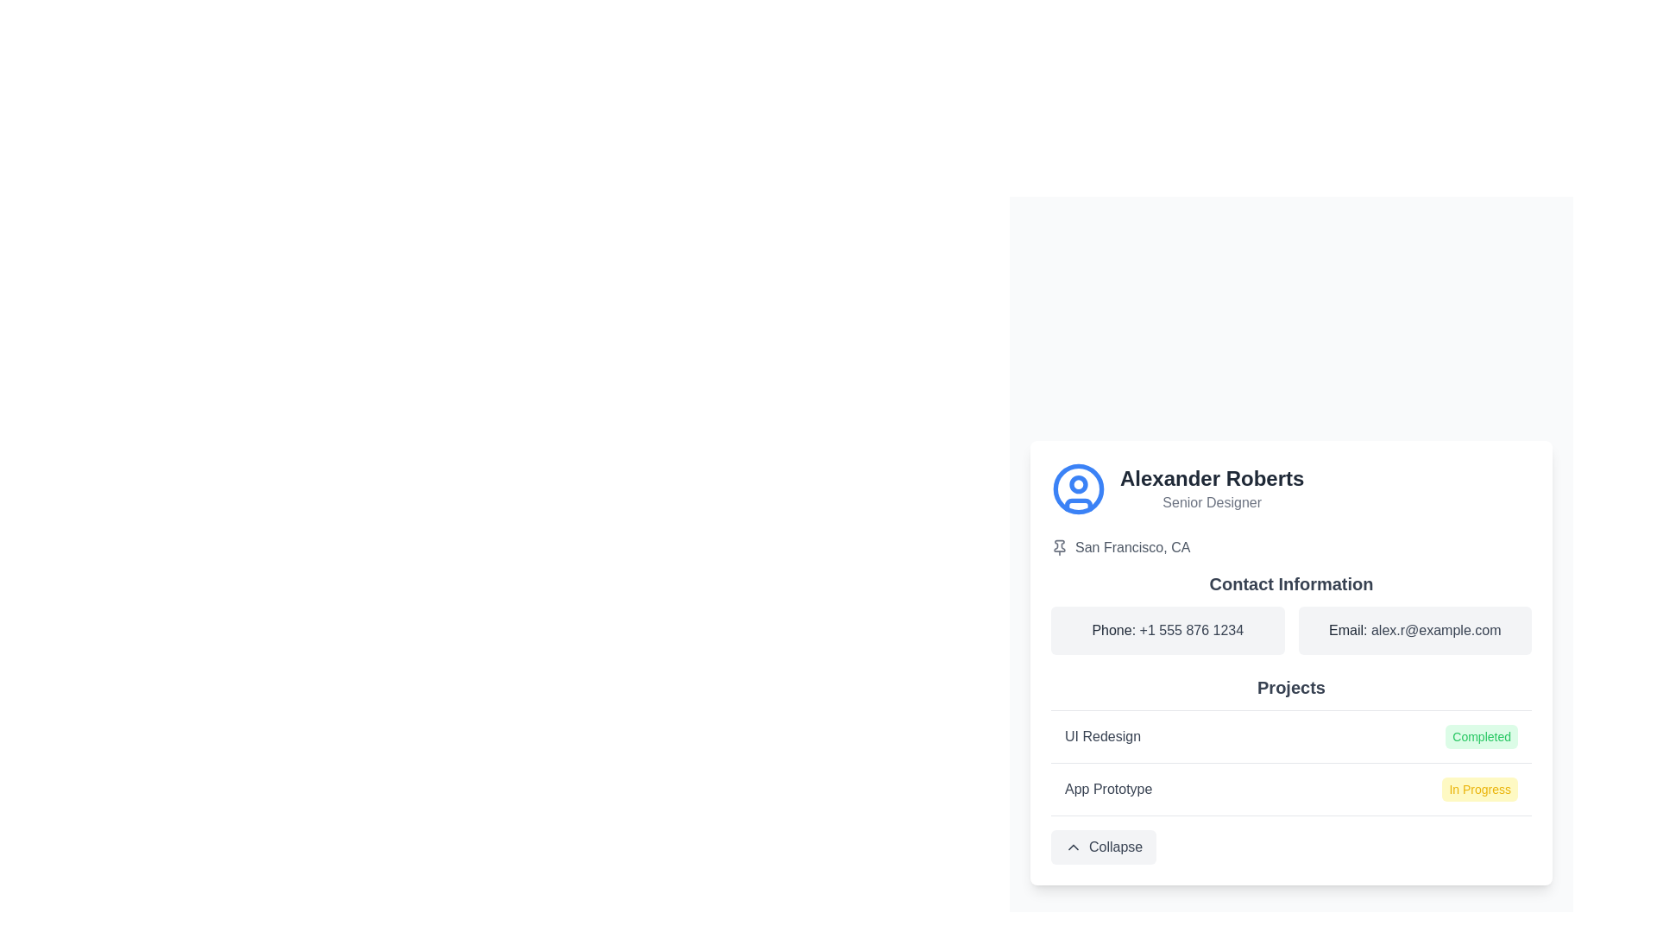  What do you see at coordinates (1077, 488) in the screenshot?
I see `the blue circular user profile icon located to the left of the text 'Alexander Roberts' and 'Senior Designer'` at bounding box center [1077, 488].